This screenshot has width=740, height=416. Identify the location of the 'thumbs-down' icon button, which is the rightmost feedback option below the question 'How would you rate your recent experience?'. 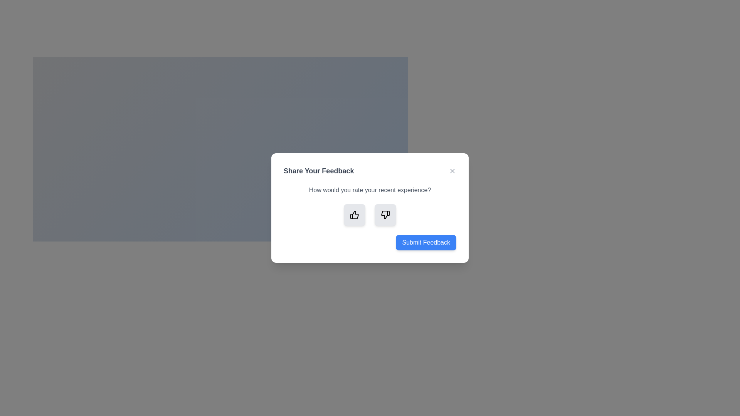
(385, 215).